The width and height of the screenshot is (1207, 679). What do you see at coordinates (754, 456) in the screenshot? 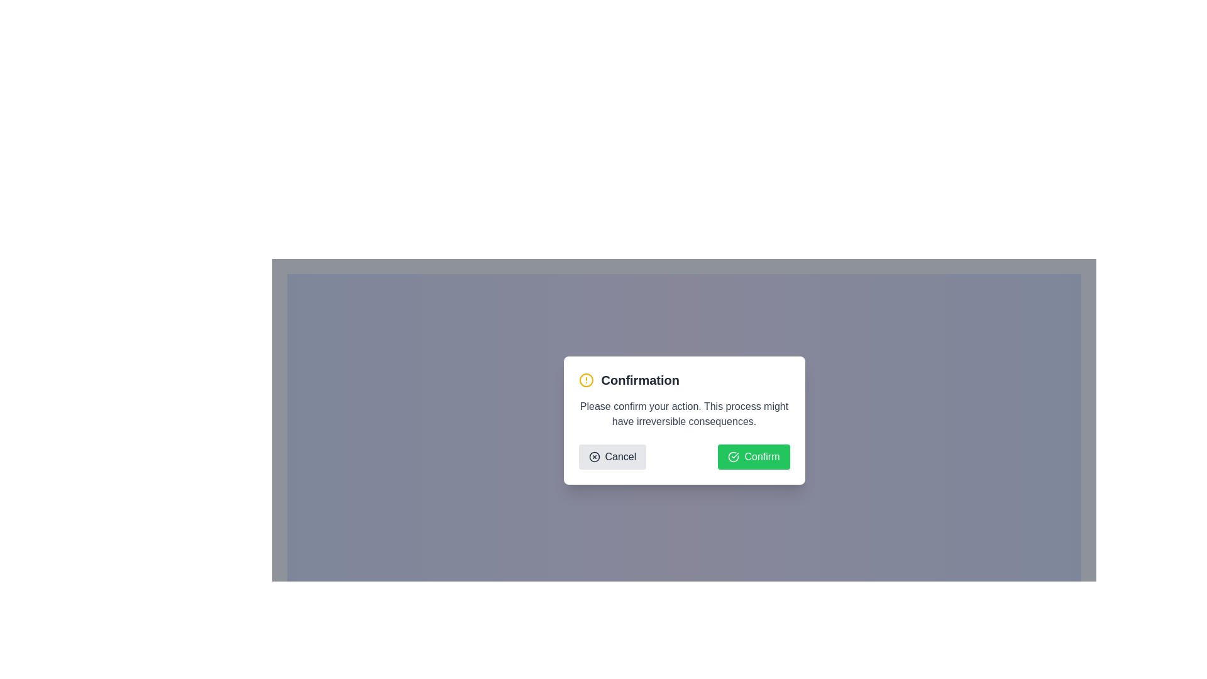
I see `the green 'Confirm' button with white text and a check icon located at the bottom-right corner of the modal, to confirm the action` at bounding box center [754, 456].